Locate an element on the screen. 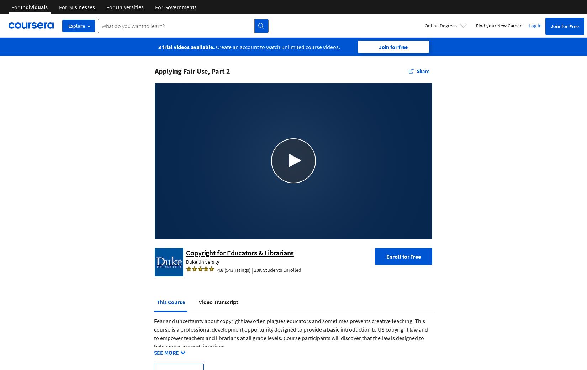 The height and width of the screenshot is (370, 587). '4.8 (543 ratings)' is located at coordinates (233, 269).